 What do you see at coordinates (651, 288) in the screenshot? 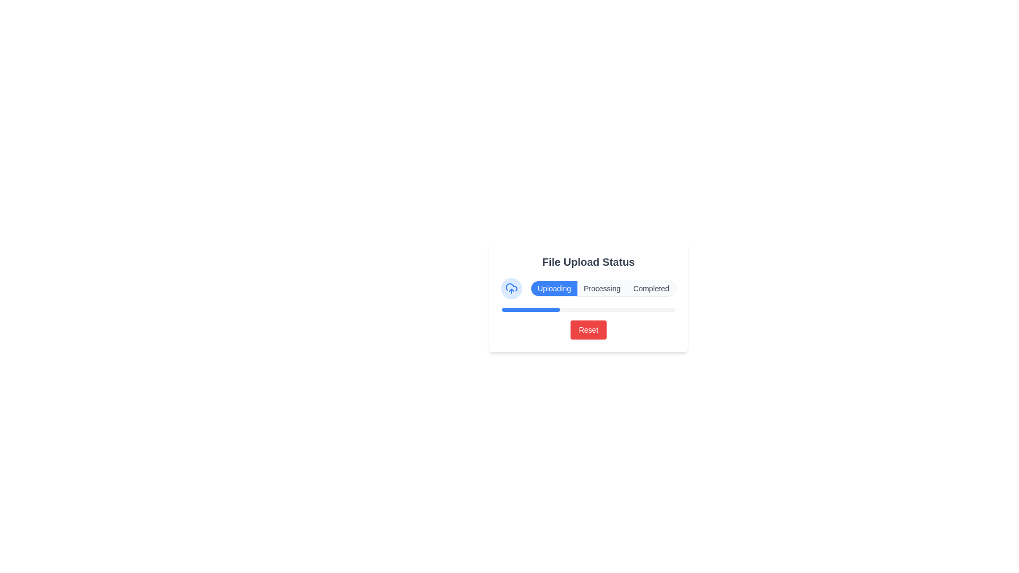
I see `the 'Completed' button, which is a small rectangular button with a light gray background and dark gray text, located as the last button in a horizontal set of status buttons` at bounding box center [651, 288].